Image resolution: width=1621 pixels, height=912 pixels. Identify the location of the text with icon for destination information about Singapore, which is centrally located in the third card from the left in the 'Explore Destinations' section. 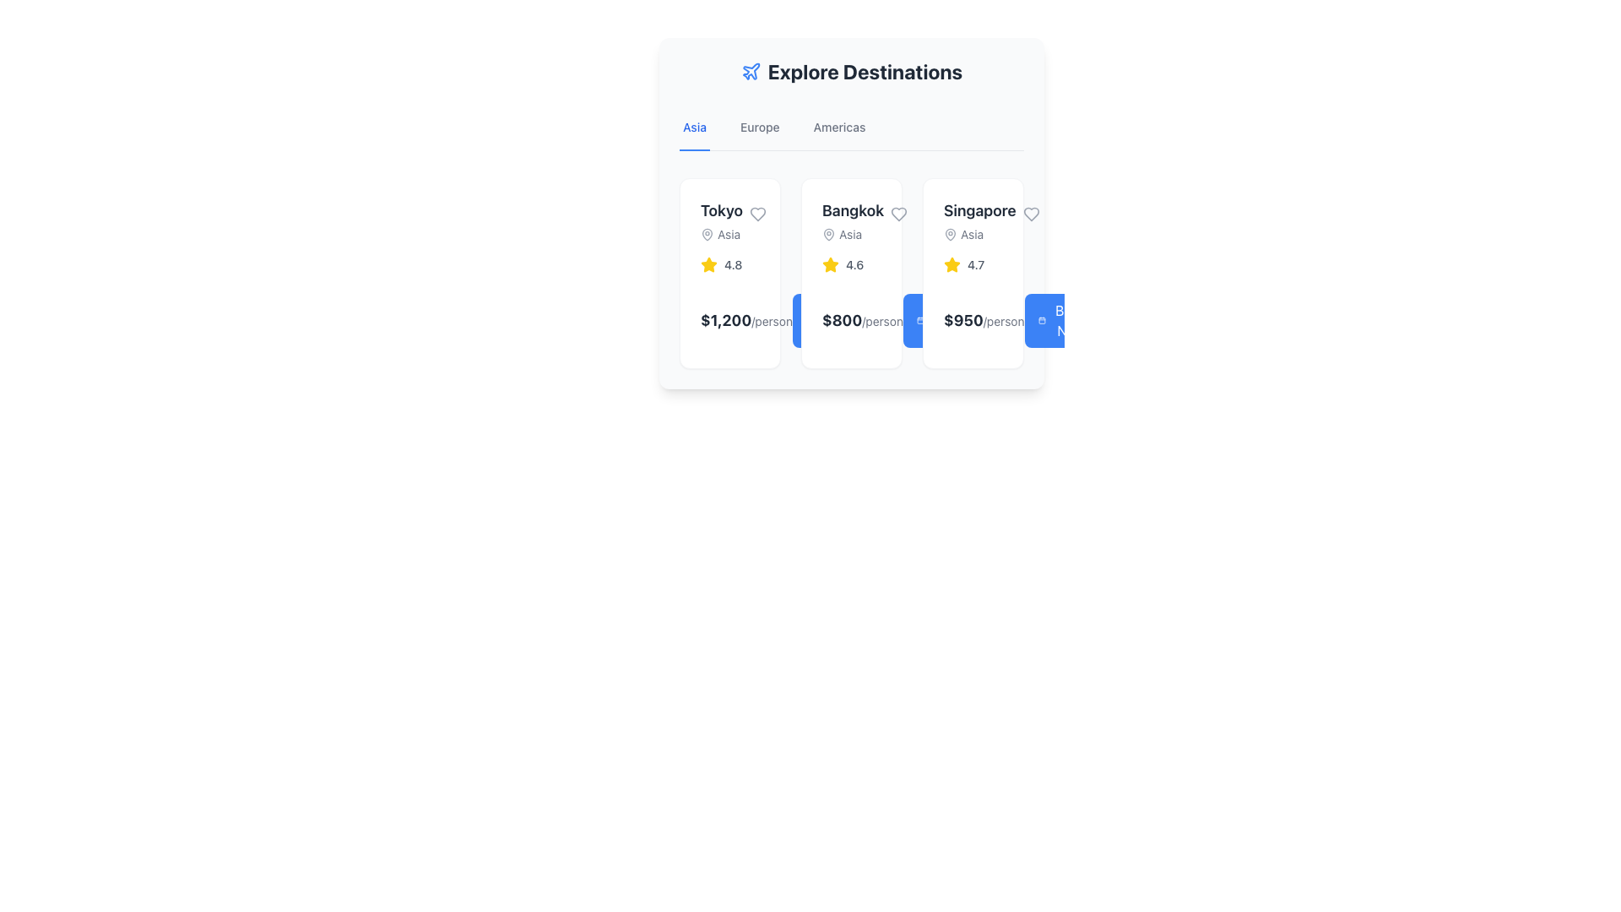
(979, 220).